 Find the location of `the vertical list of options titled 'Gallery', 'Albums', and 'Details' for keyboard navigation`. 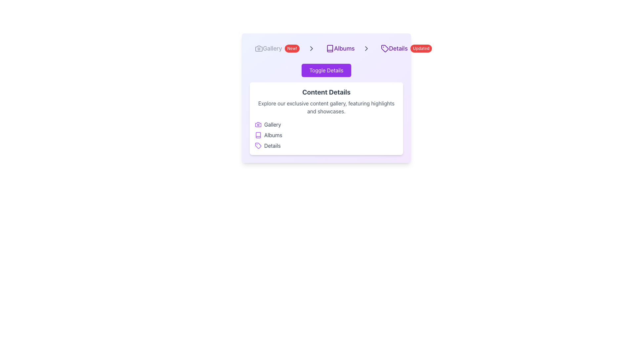

the vertical list of options titled 'Gallery', 'Albums', and 'Details' for keyboard navigation is located at coordinates (326, 135).